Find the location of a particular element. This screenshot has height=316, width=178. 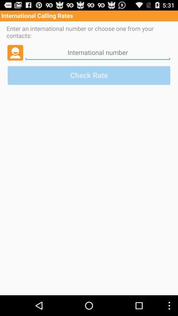

the icon at the top left corner is located at coordinates (15, 52).